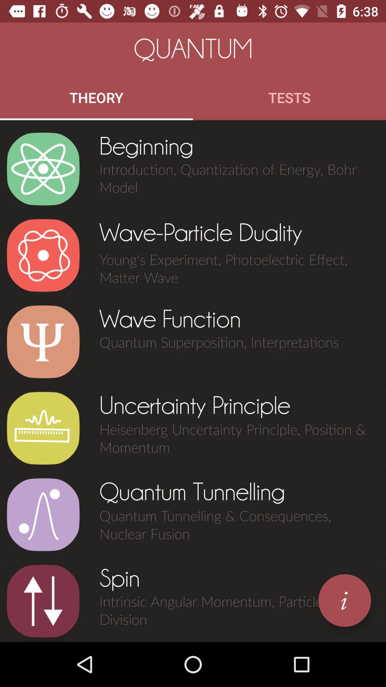 This screenshot has width=386, height=687. Describe the element at coordinates (344, 600) in the screenshot. I see `item at the bottom right corner` at that location.